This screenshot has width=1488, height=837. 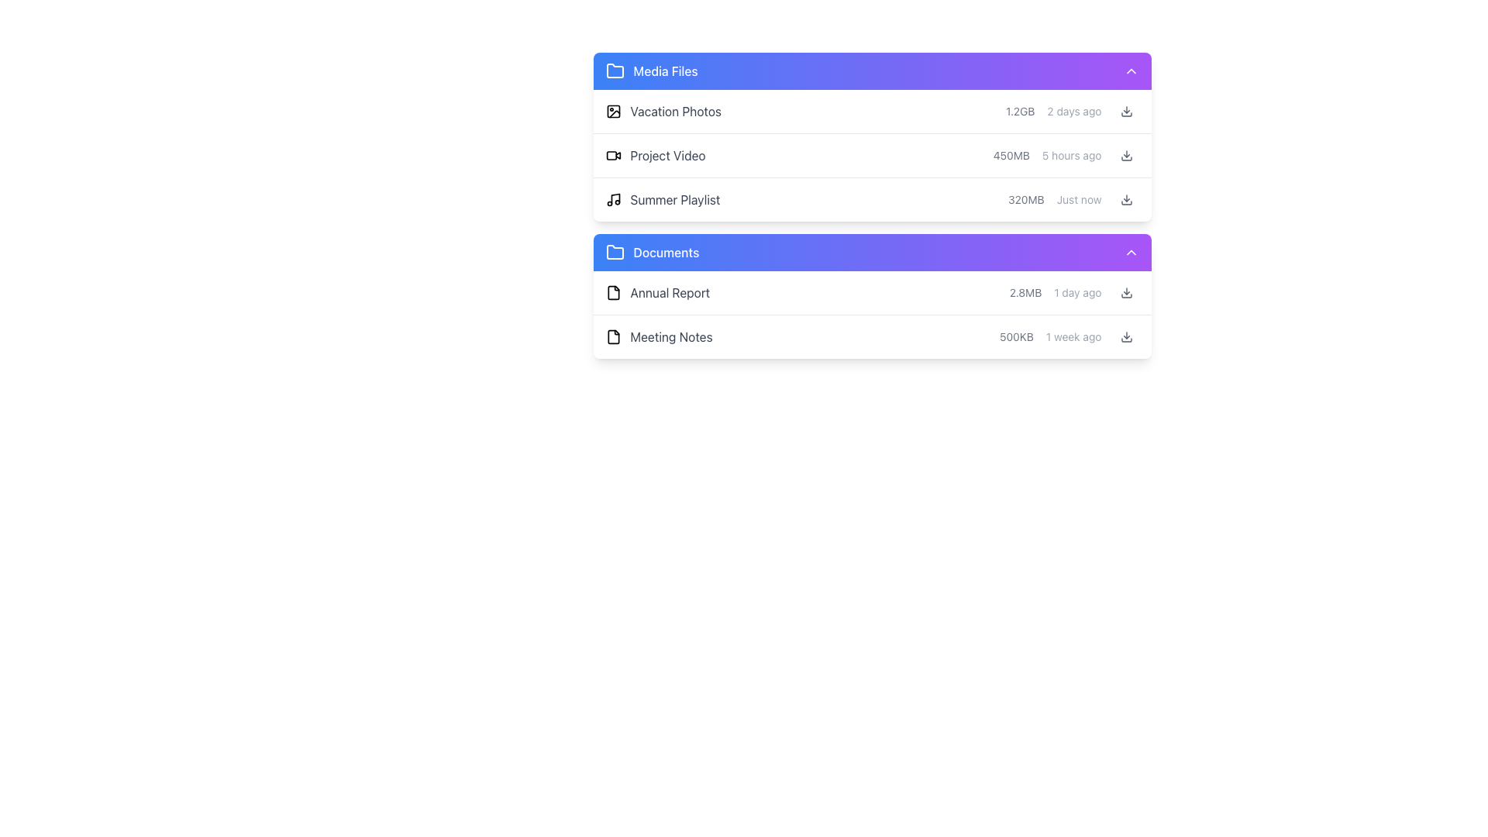 I want to click on on the second file entry in the 'Documents' section labeled 'Meeting Notes', so click(x=872, y=336).